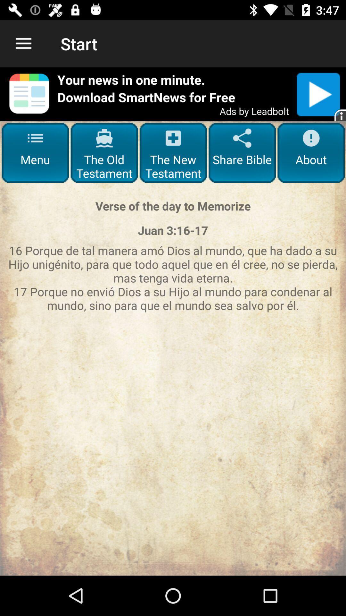 Image resolution: width=346 pixels, height=616 pixels. Describe the element at coordinates (173, 94) in the screenshot. I see `share the article` at that location.